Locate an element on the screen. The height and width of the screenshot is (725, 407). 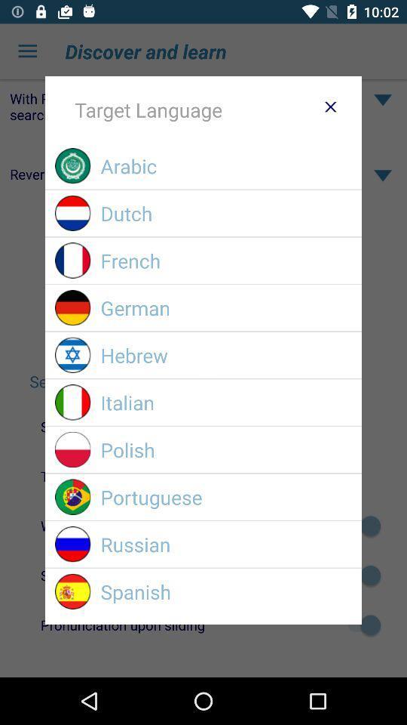
the russian is located at coordinates (225, 544).